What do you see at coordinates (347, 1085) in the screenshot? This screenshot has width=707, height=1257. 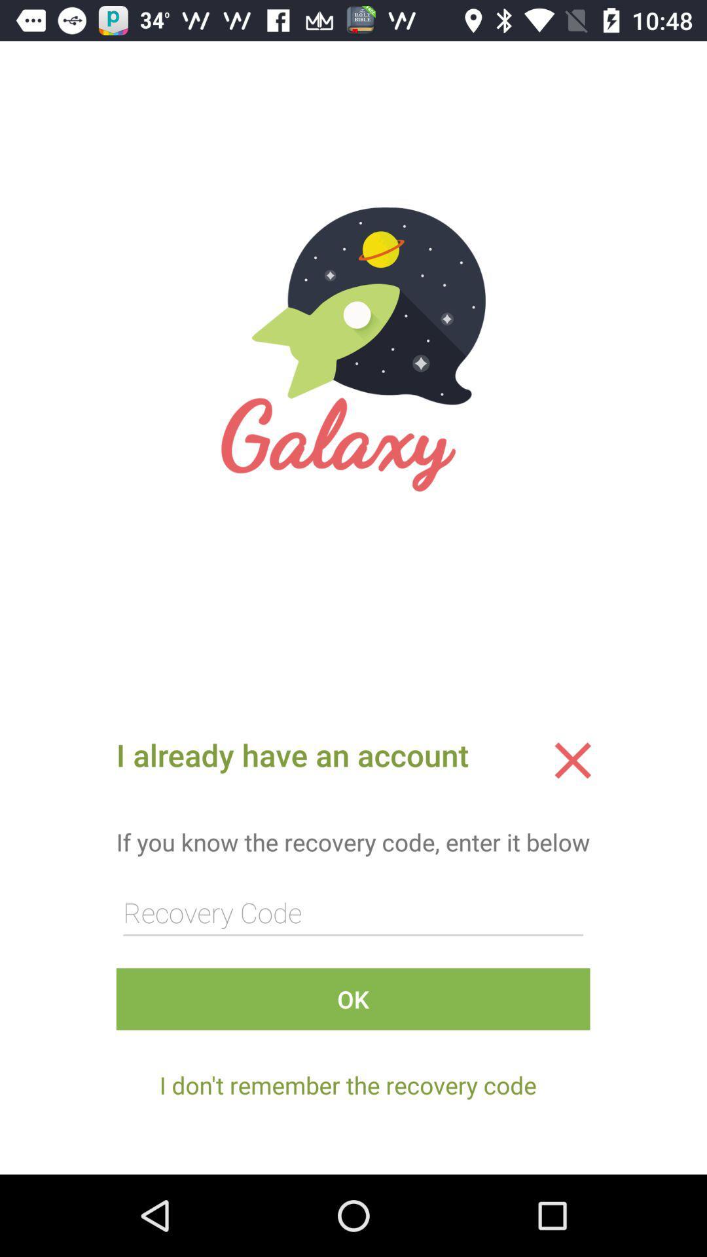 I see `i don t` at bounding box center [347, 1085].